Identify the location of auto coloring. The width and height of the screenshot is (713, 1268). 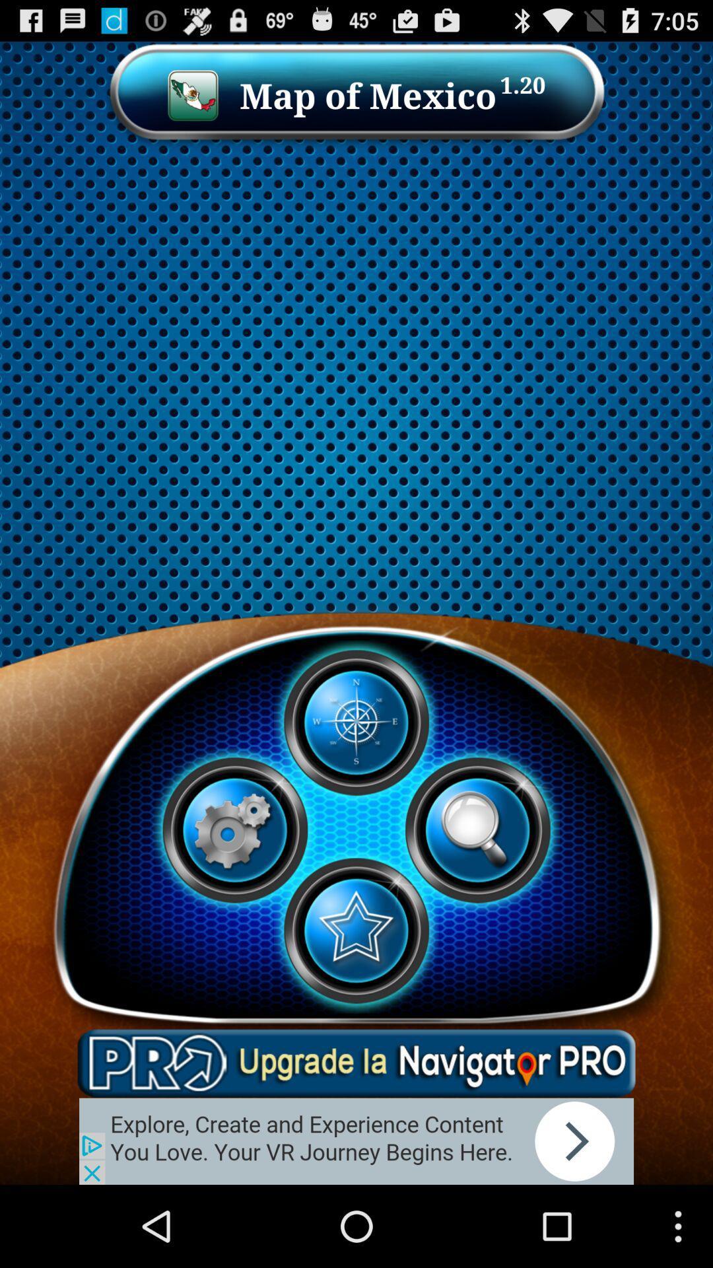
(356, 1063).